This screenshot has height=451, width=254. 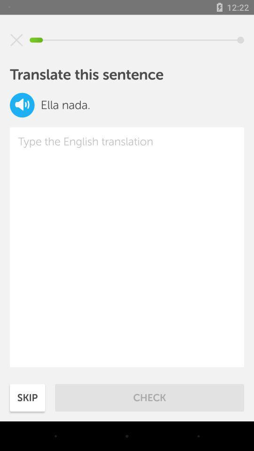 What do you see at coordinates (22, 105) in the screenshot?
I see `audio of sentence` at bounding box center [22, 105].